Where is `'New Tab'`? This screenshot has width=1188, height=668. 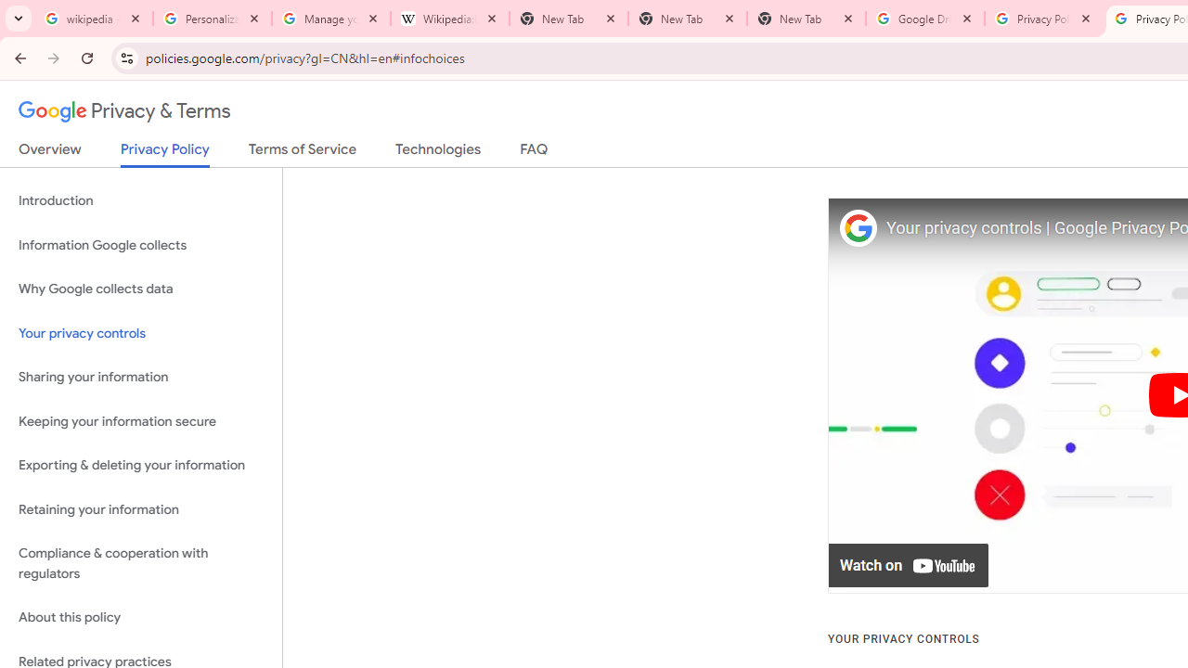 'New Tab' is located at coordinates (807, 19).